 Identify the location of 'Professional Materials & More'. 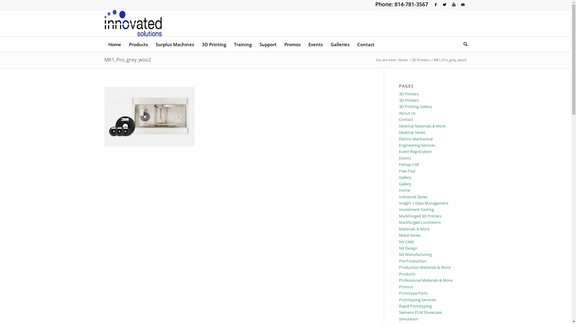
(425, 280).